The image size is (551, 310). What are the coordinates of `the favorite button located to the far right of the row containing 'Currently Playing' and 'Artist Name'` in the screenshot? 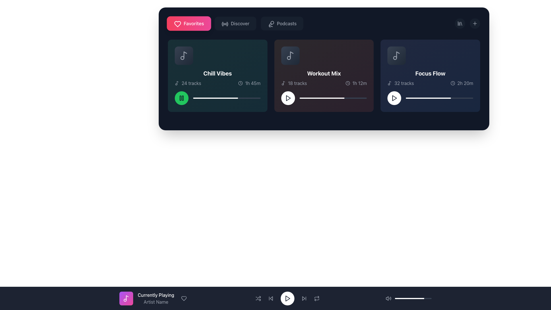 It's located at (184, 298).